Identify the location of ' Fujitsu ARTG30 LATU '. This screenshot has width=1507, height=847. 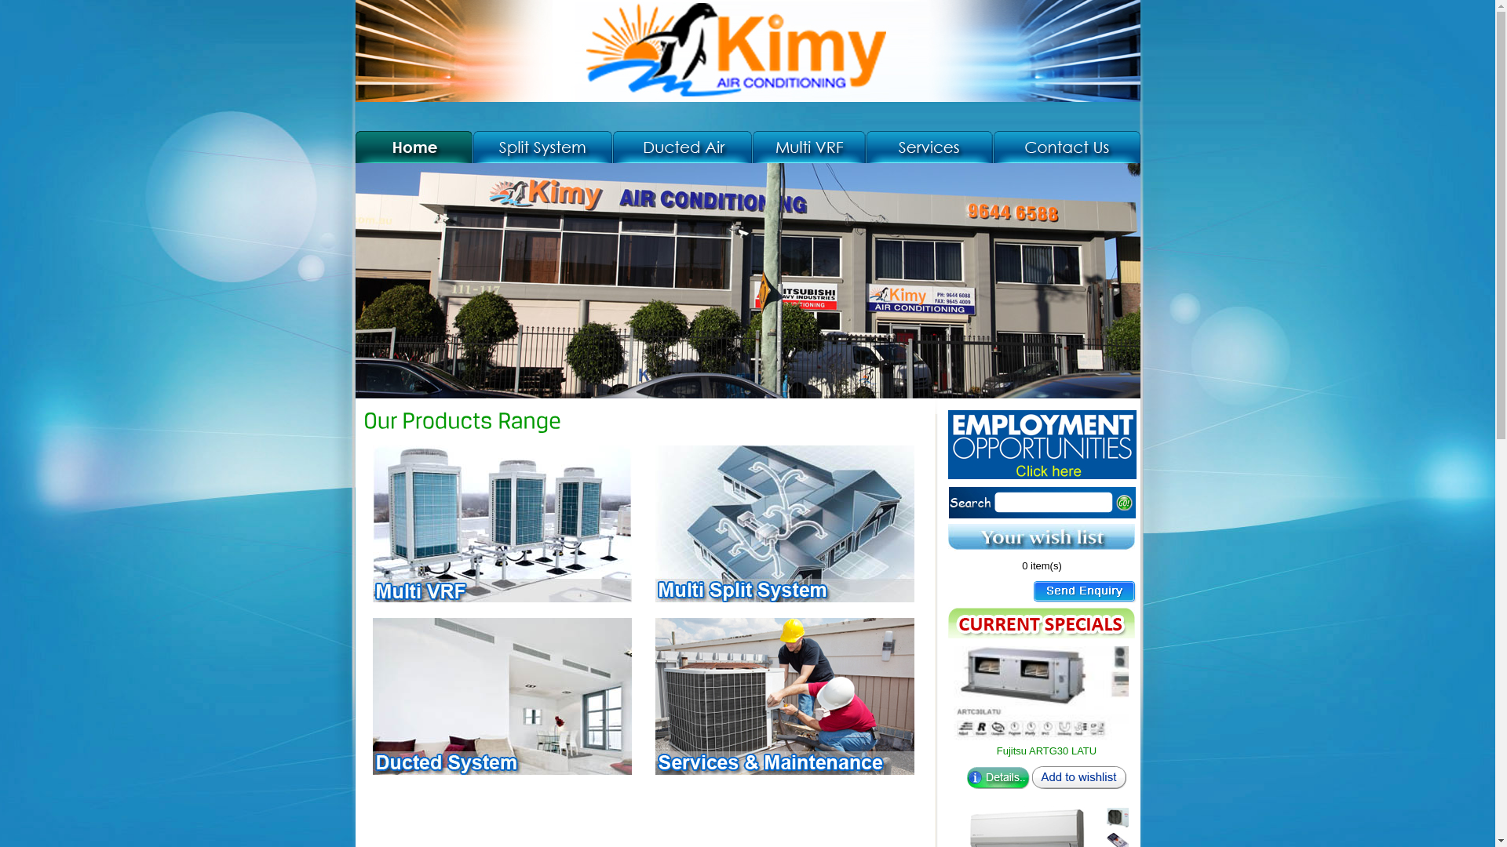
(1046, 692).